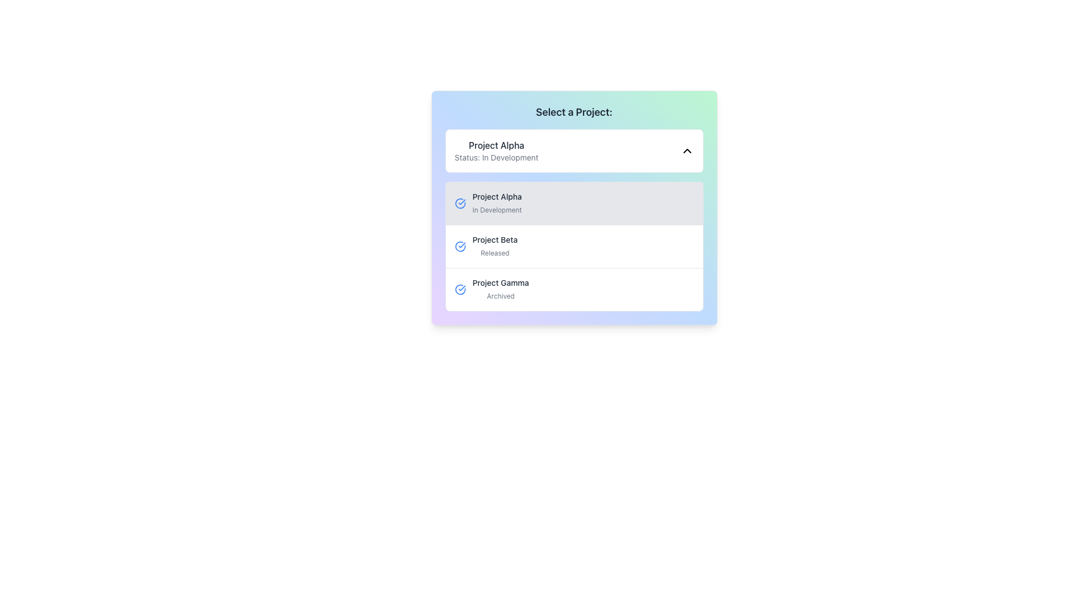 The height and width of the screenshot is (604, 1073). Describe the element at coordinates (686, 151) in the screenshot. I see `the downward-facing chevron arrow icon styled with a black outline located in the top-right corner of the 'Project Alpha' card` at that location.